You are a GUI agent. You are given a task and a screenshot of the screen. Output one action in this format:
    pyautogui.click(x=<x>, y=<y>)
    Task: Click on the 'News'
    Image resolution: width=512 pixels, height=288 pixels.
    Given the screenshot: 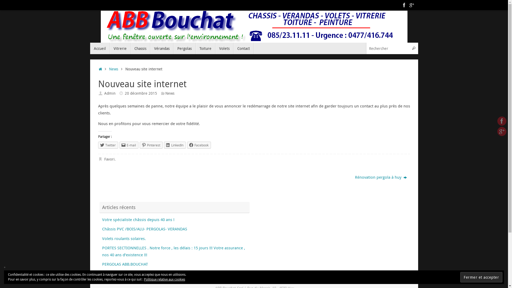 What is the action you would take?
    pyautogui.click(x=170, y=93)
    